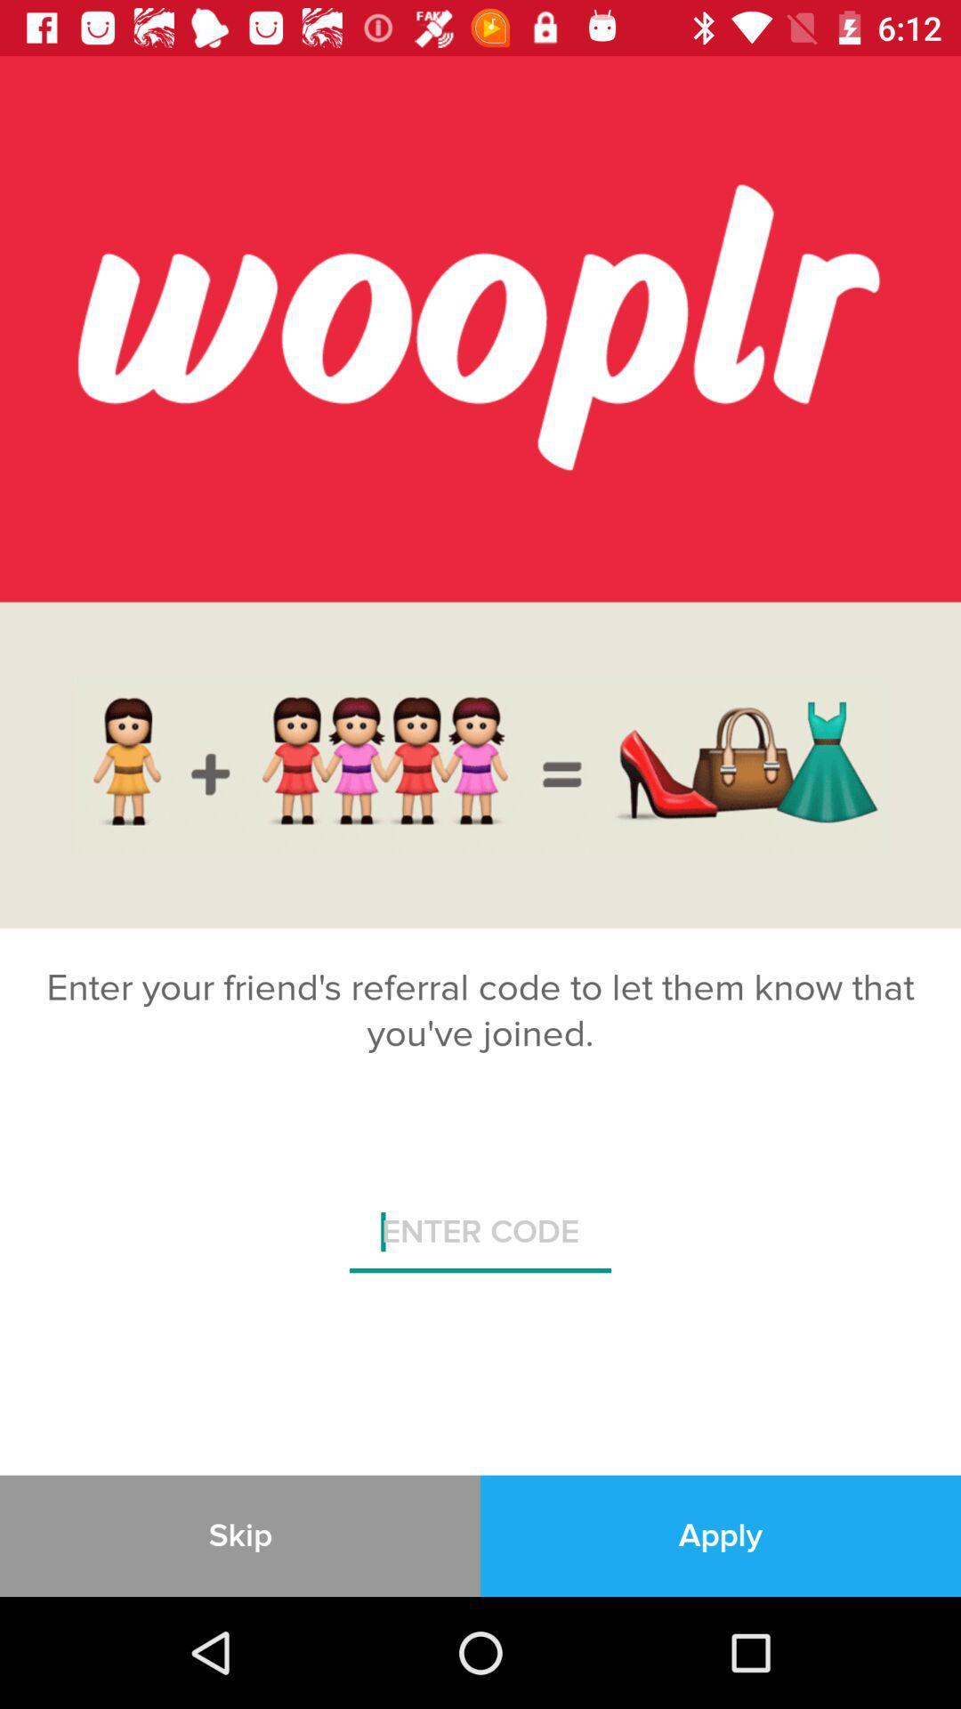 The width and height of the screenshot is (961, 1709). What do you see at coordinates (240, 1535) in the screenshot?
I see `item at the bottom left corner` at bounding box center [240, 1535].